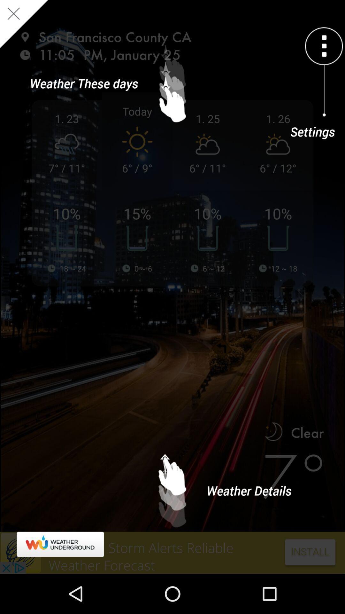 The width and height of the screenshot is (345, 614). What do you see at coordinates (23, 24) in the screenshot?
I see `the close icon` at bounding box center [23, 24].